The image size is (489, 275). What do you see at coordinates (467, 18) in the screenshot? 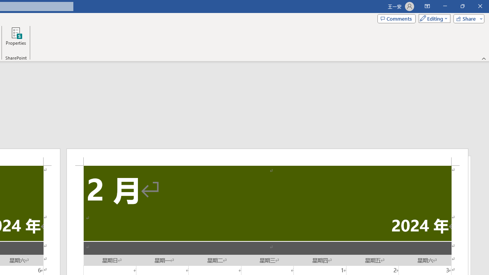
I see `'Share'` at bounding box center [467, 18].